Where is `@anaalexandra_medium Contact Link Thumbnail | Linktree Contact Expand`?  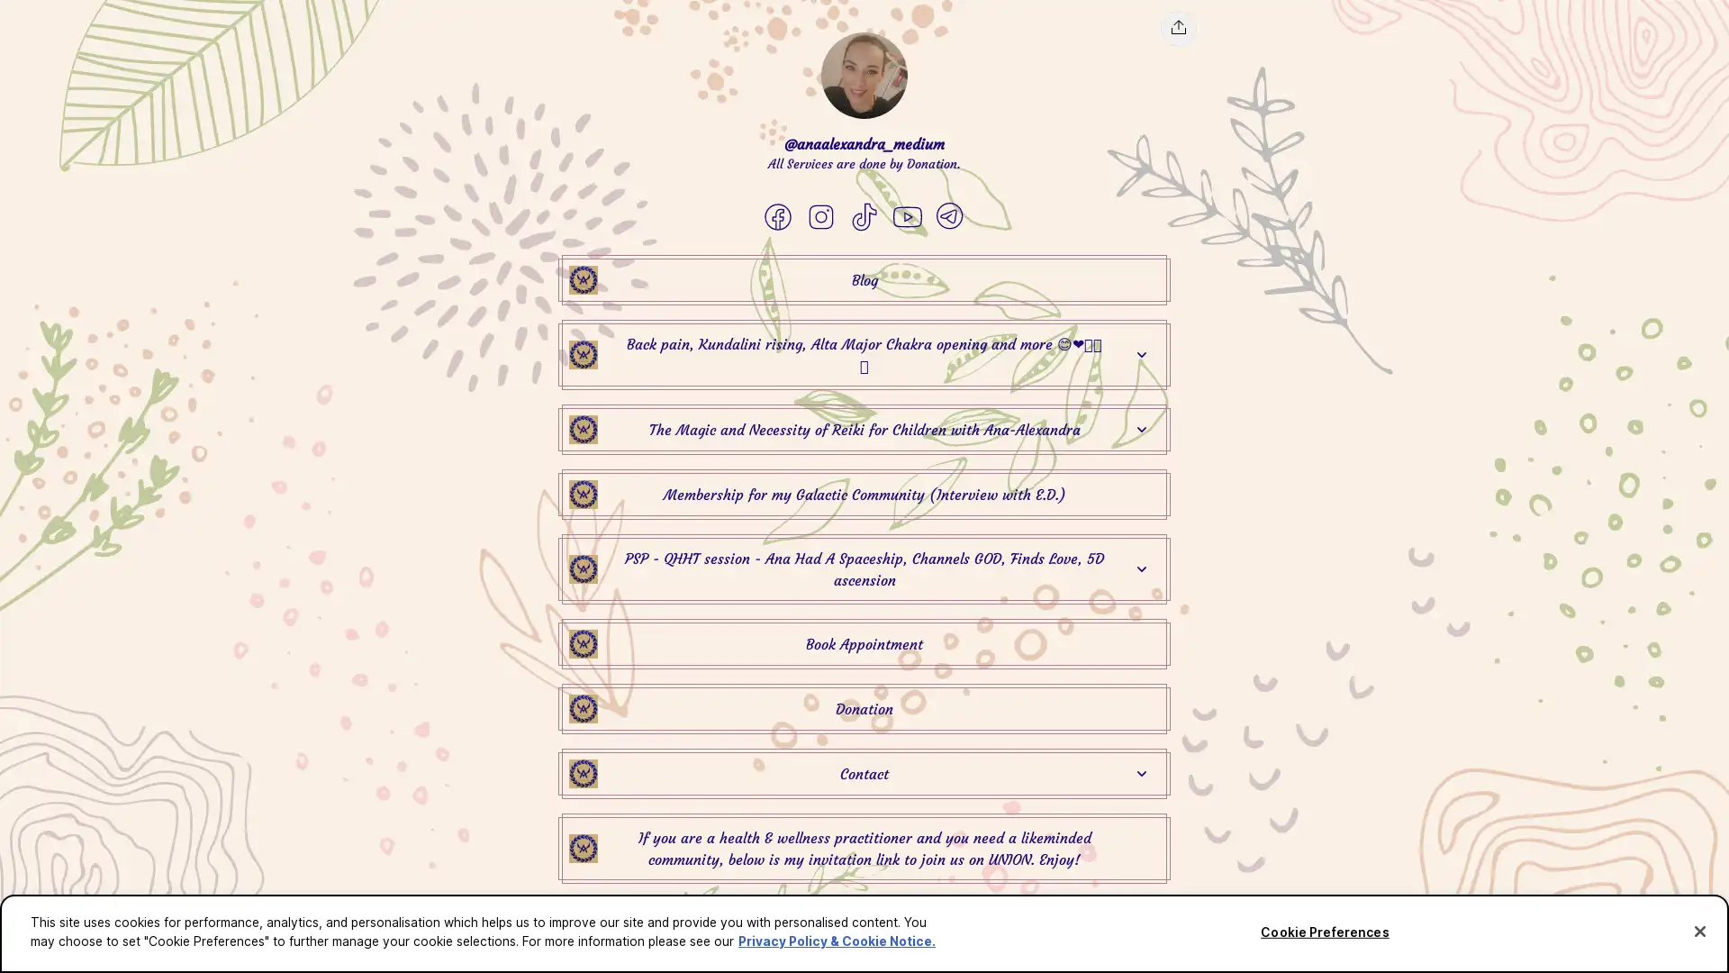
@anaalexandra_medium Contact Link Thumbnail | Linktree Contact Expand is located at coordinates (864, 773).